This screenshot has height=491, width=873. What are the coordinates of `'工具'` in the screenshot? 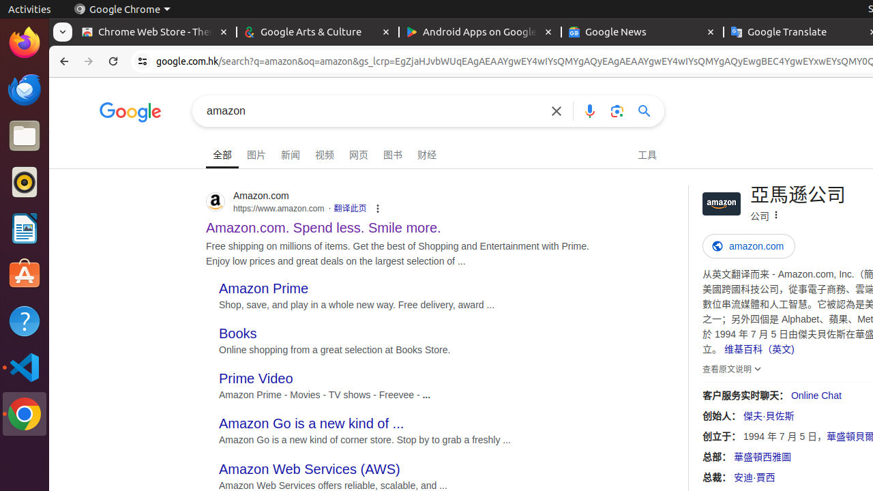 It's located at (646, 153).